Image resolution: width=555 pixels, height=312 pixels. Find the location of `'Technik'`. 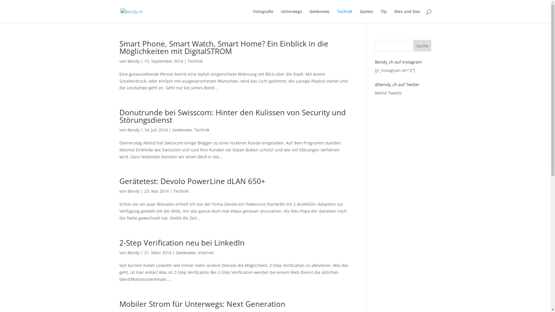

'Technik' is located at coordinates (345, 16).